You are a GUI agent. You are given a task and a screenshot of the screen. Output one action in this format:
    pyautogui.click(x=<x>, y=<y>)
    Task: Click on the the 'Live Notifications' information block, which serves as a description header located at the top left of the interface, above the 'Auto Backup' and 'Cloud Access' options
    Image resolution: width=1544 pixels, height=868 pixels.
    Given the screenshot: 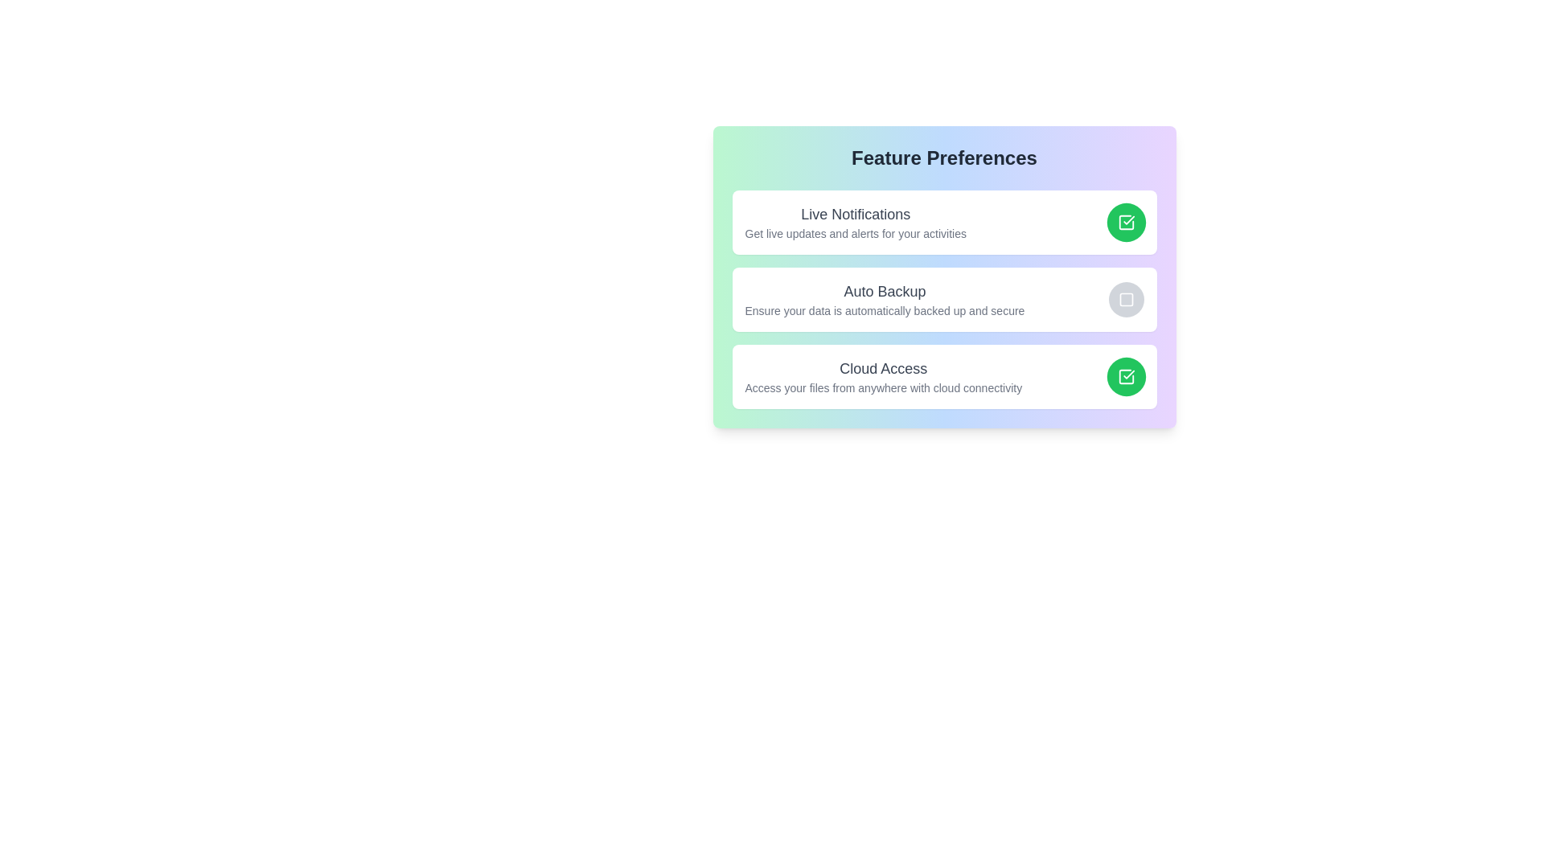 What is the action you would take?
    pyautogui.click(x=855, y=223)
    